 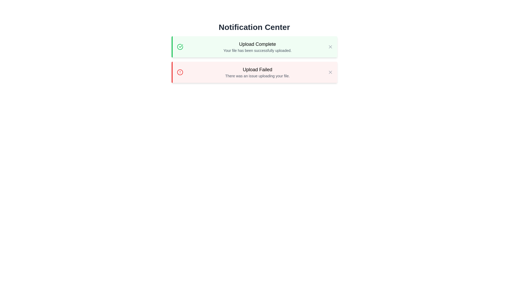 What do you see at coordinates (254, 53) in the screenshot?
I see `the Notification banner with a bright green background indicating 'Upload Complete' and a success checkmark icon` at bounding box center [254, 53].